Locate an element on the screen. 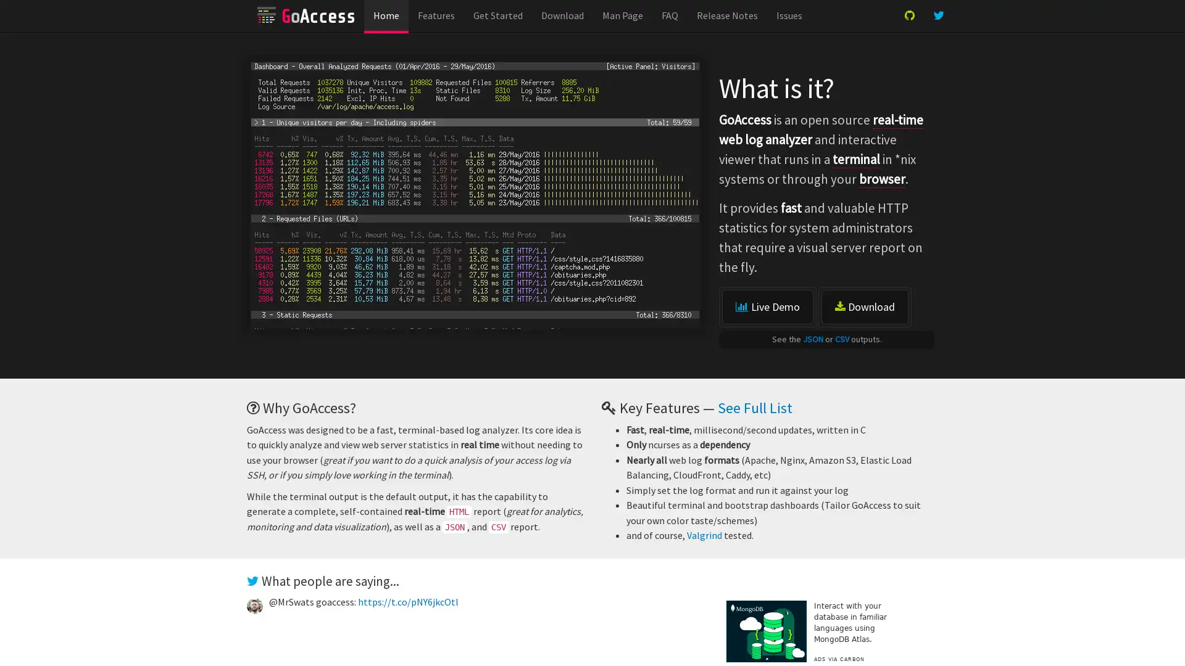 The width and height of the screenshot is (1185, 666). Download is located at coordinates (864, 306).